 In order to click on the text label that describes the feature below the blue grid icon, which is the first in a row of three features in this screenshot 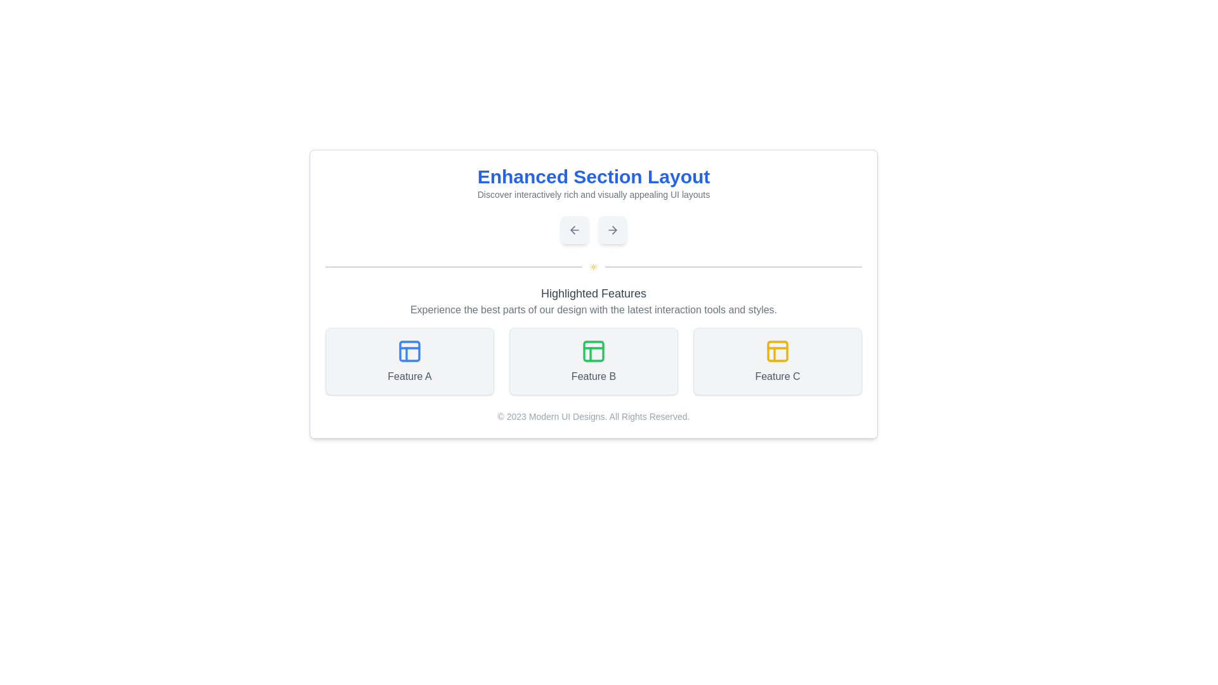, I will do `click(410, 376)`.